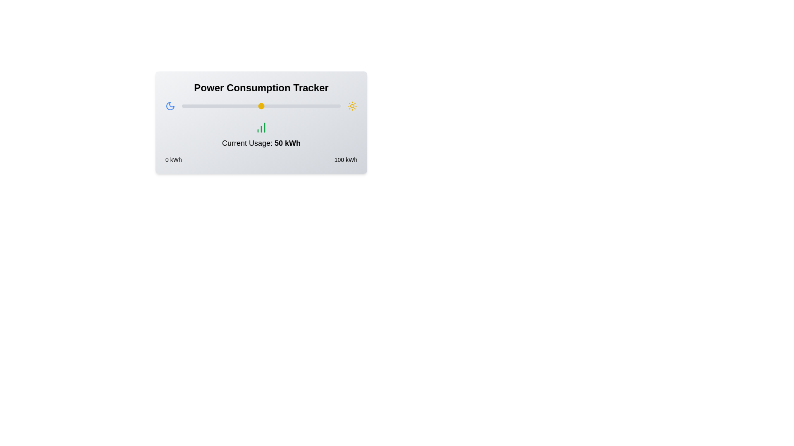 This screenshot has height=446, width=794. I want to click on the Moon icon, so click(170, 106).